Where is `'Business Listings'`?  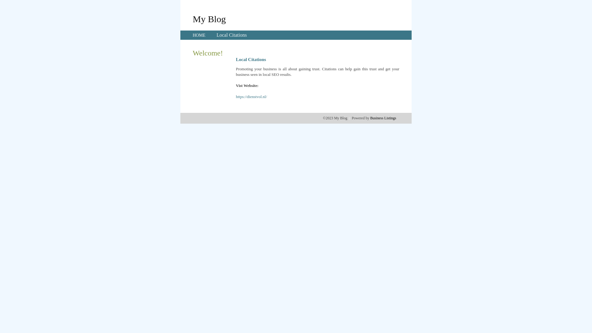 'Business Listings' is located at coordinates (383, 118).